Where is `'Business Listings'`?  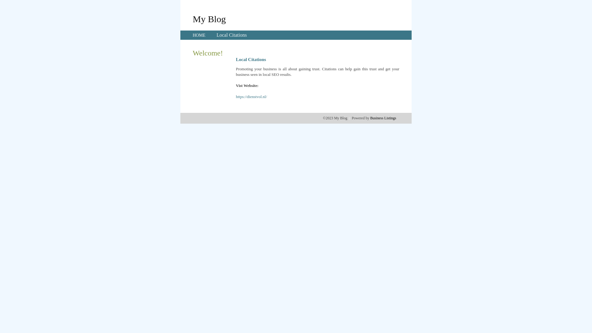 'Business Listings' is located at coordinates (383, 118).